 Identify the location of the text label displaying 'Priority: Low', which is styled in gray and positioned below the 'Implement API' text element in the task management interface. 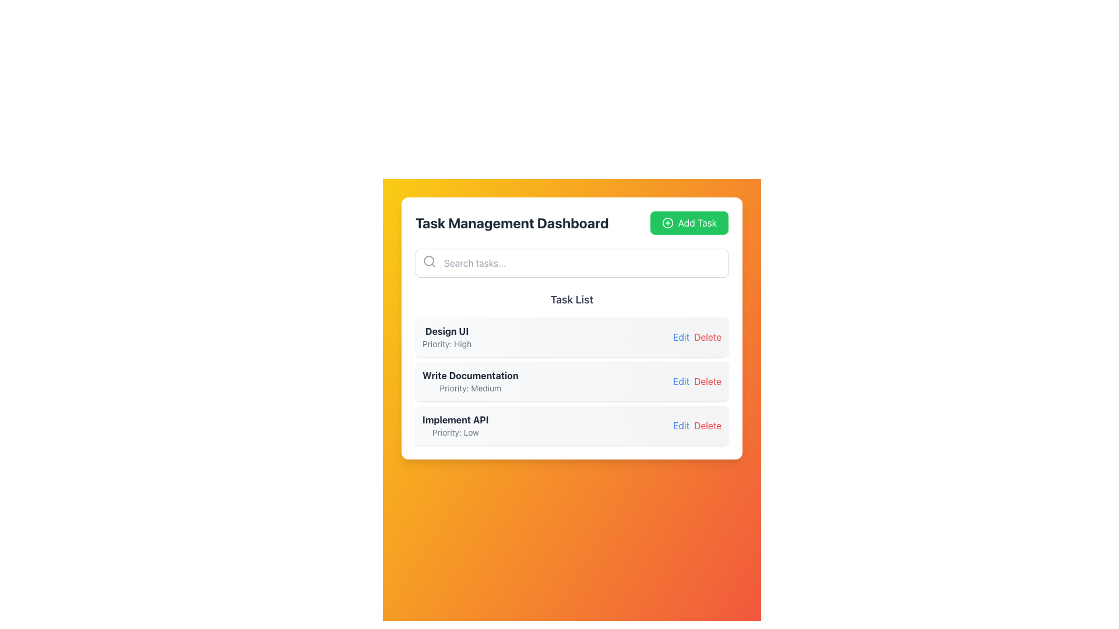
(455, 433).